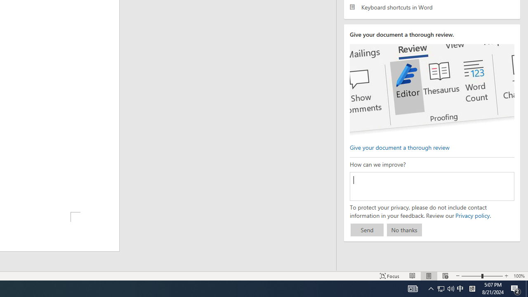 The width and height of the screenshot is (528, 297). Describe the element at coordinates (367, 230) in the screenshot. I see `'Send'` at that location.